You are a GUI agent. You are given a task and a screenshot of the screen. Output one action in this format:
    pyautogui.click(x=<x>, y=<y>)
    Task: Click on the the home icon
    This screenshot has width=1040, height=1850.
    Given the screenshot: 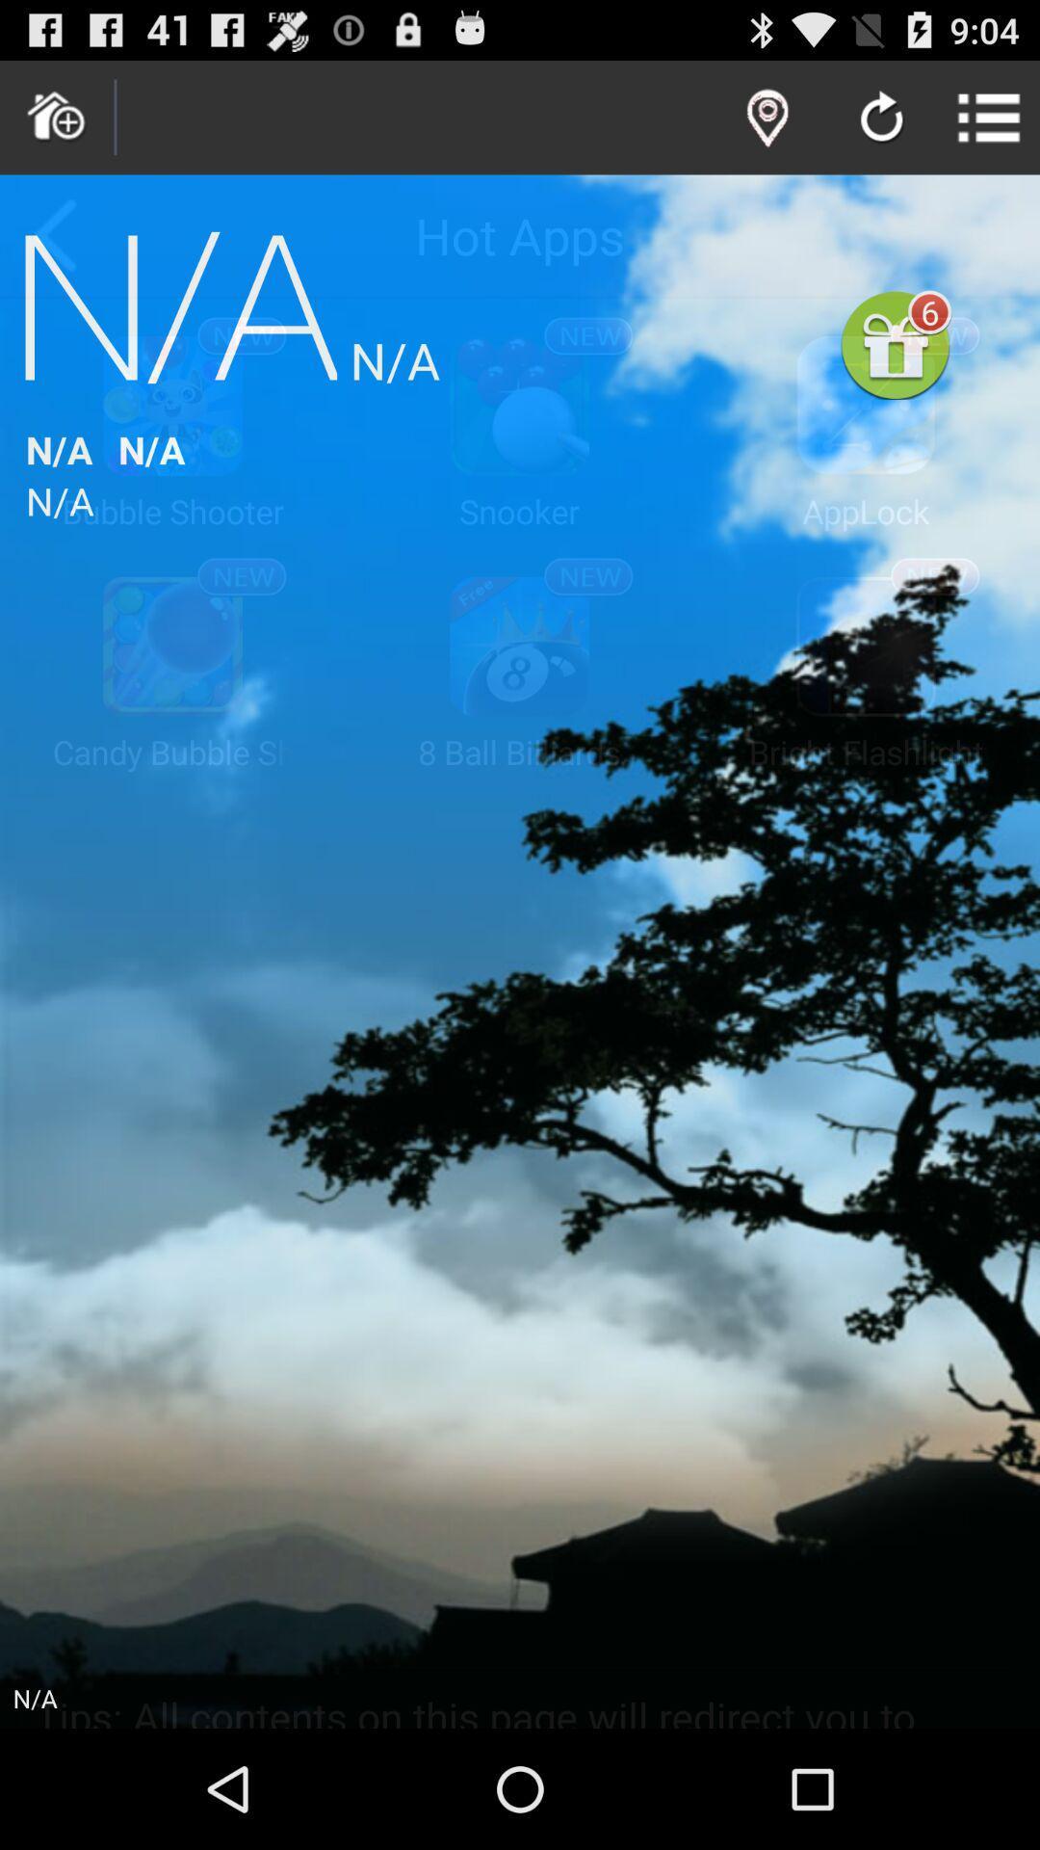 What is the action you would take?
    pyautogui.click(x=56, y=124)
    